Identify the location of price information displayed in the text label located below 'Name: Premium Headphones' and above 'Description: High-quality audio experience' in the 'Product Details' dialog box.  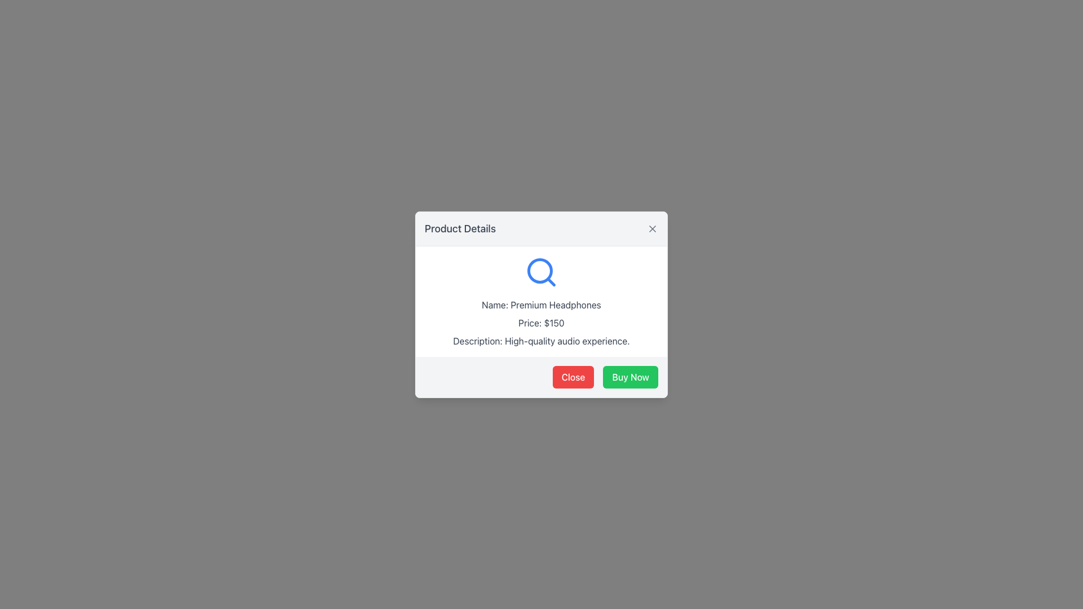
(541, 323).